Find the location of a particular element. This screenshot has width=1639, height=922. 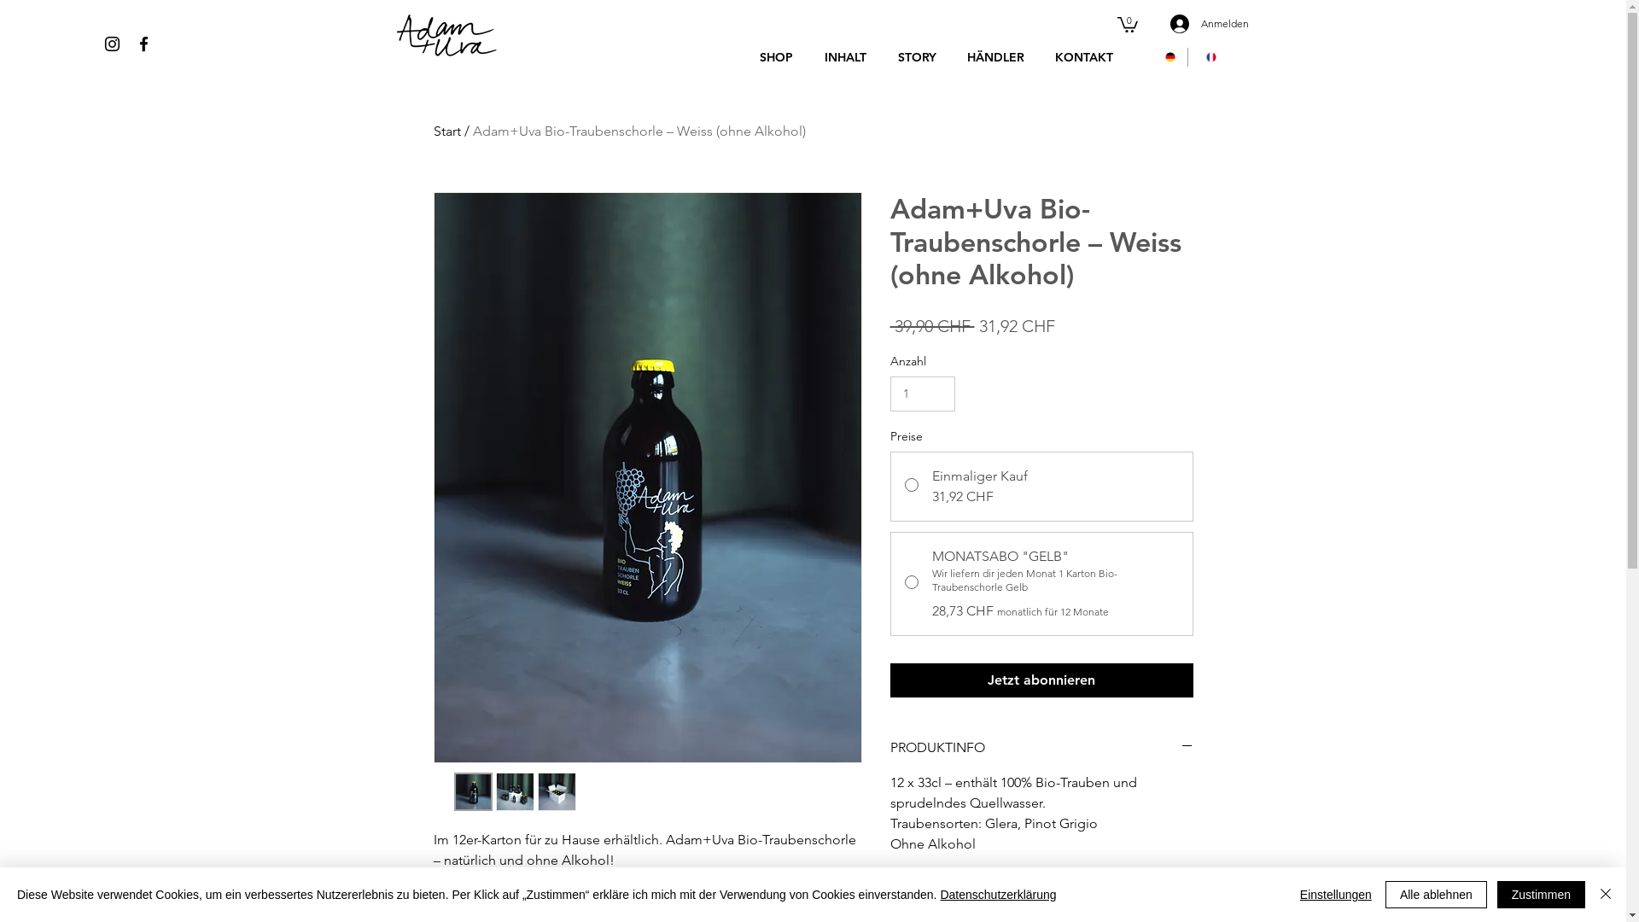

'STORY' is located at coordinates (913, 55).